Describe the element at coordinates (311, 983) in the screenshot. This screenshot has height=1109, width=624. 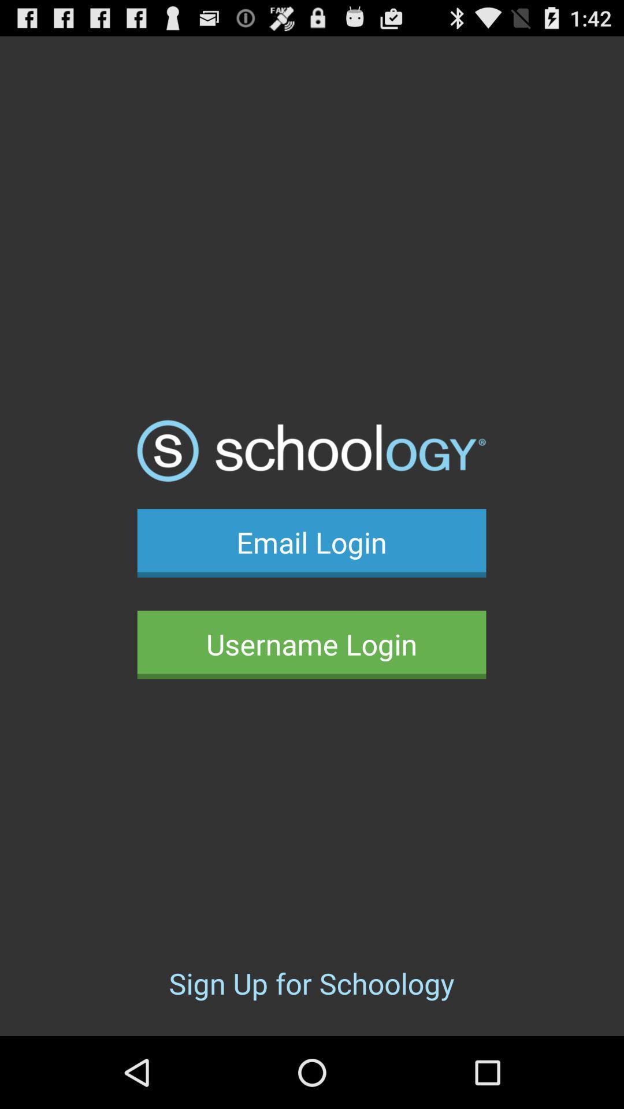
I see `icon below the username login` at that location.